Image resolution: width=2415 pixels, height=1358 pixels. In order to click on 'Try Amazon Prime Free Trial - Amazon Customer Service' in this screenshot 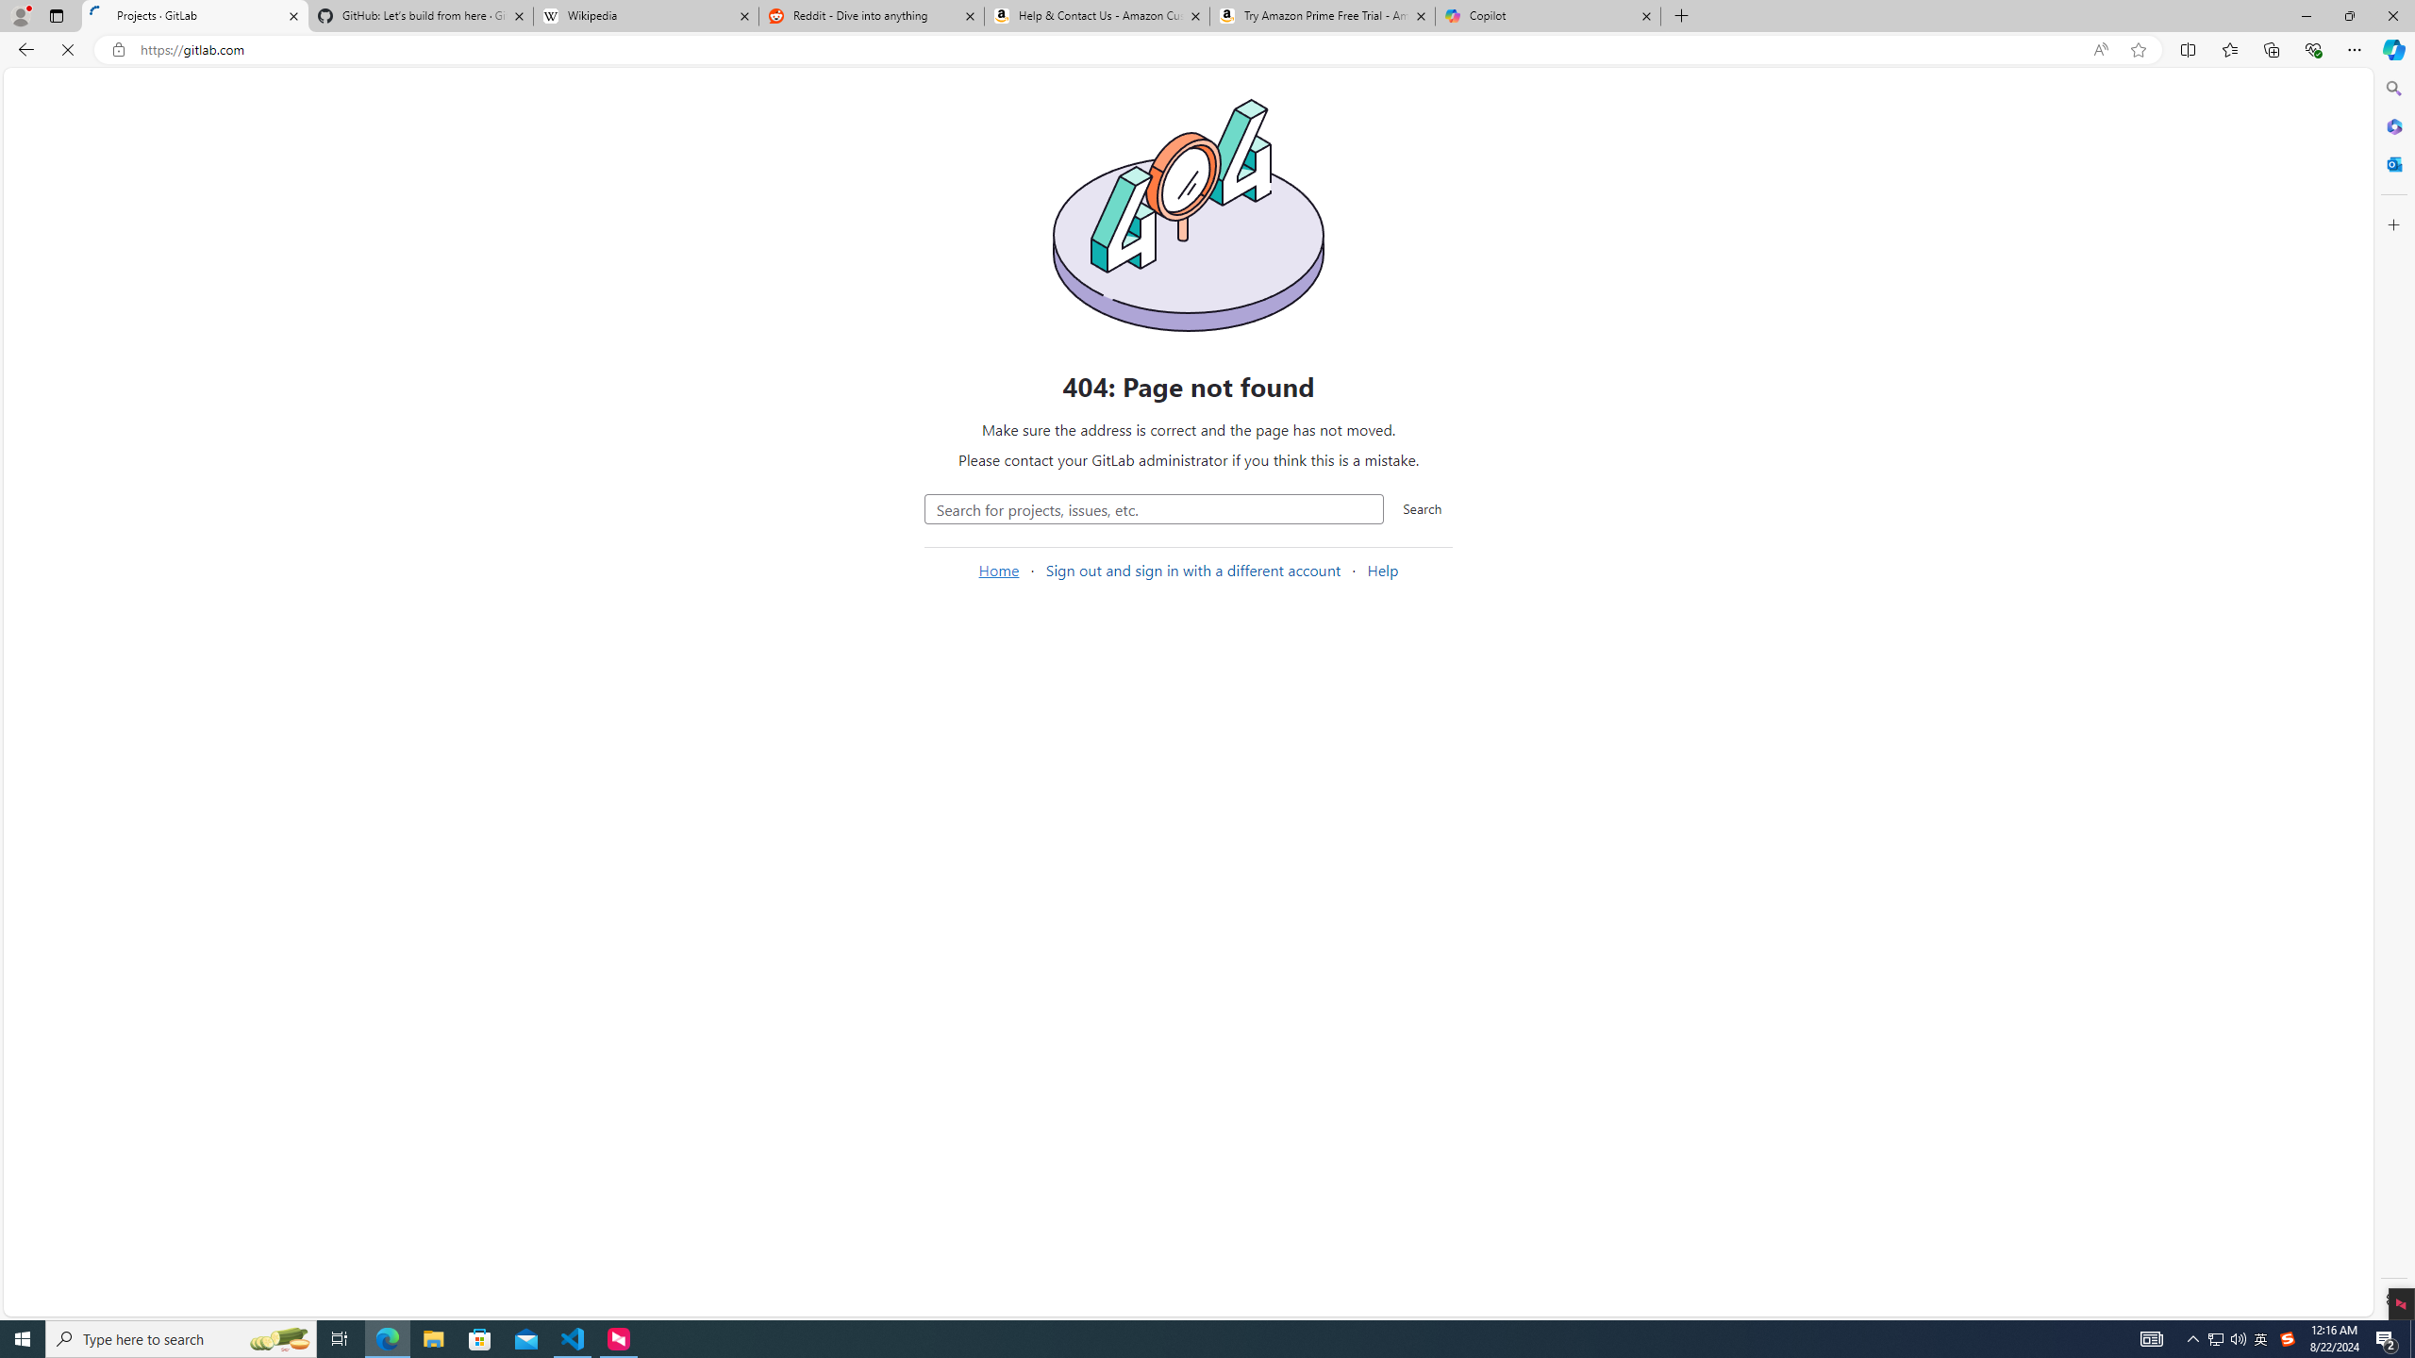, I will do `click(1323, 15)`.